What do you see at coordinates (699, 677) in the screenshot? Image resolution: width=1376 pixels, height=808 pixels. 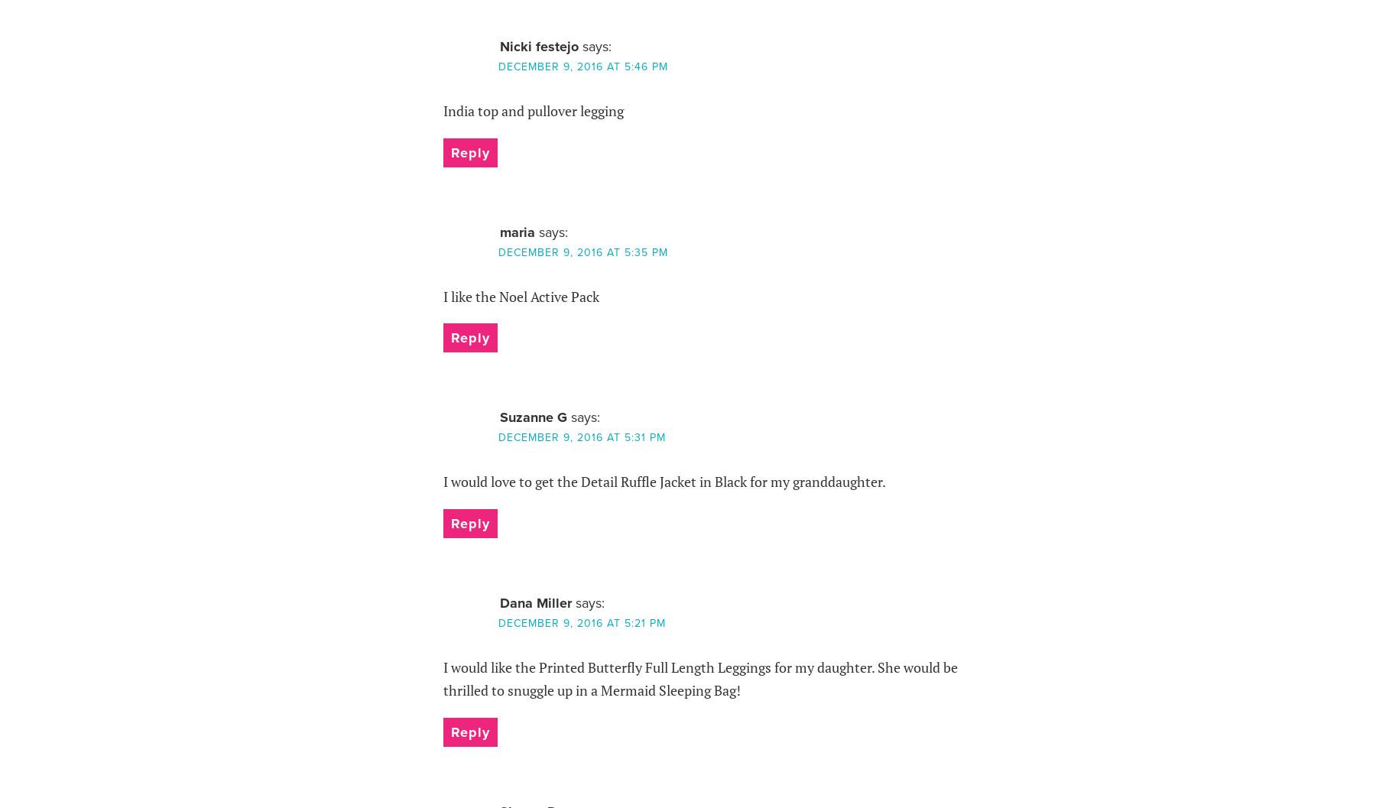 I see `'I would like the Printed Butterfly Full Length Leggings for my daughter. She would be thrilled to snuggle up in a Mermaid Sleeping Bag!'` at bounding box center [699, 677].